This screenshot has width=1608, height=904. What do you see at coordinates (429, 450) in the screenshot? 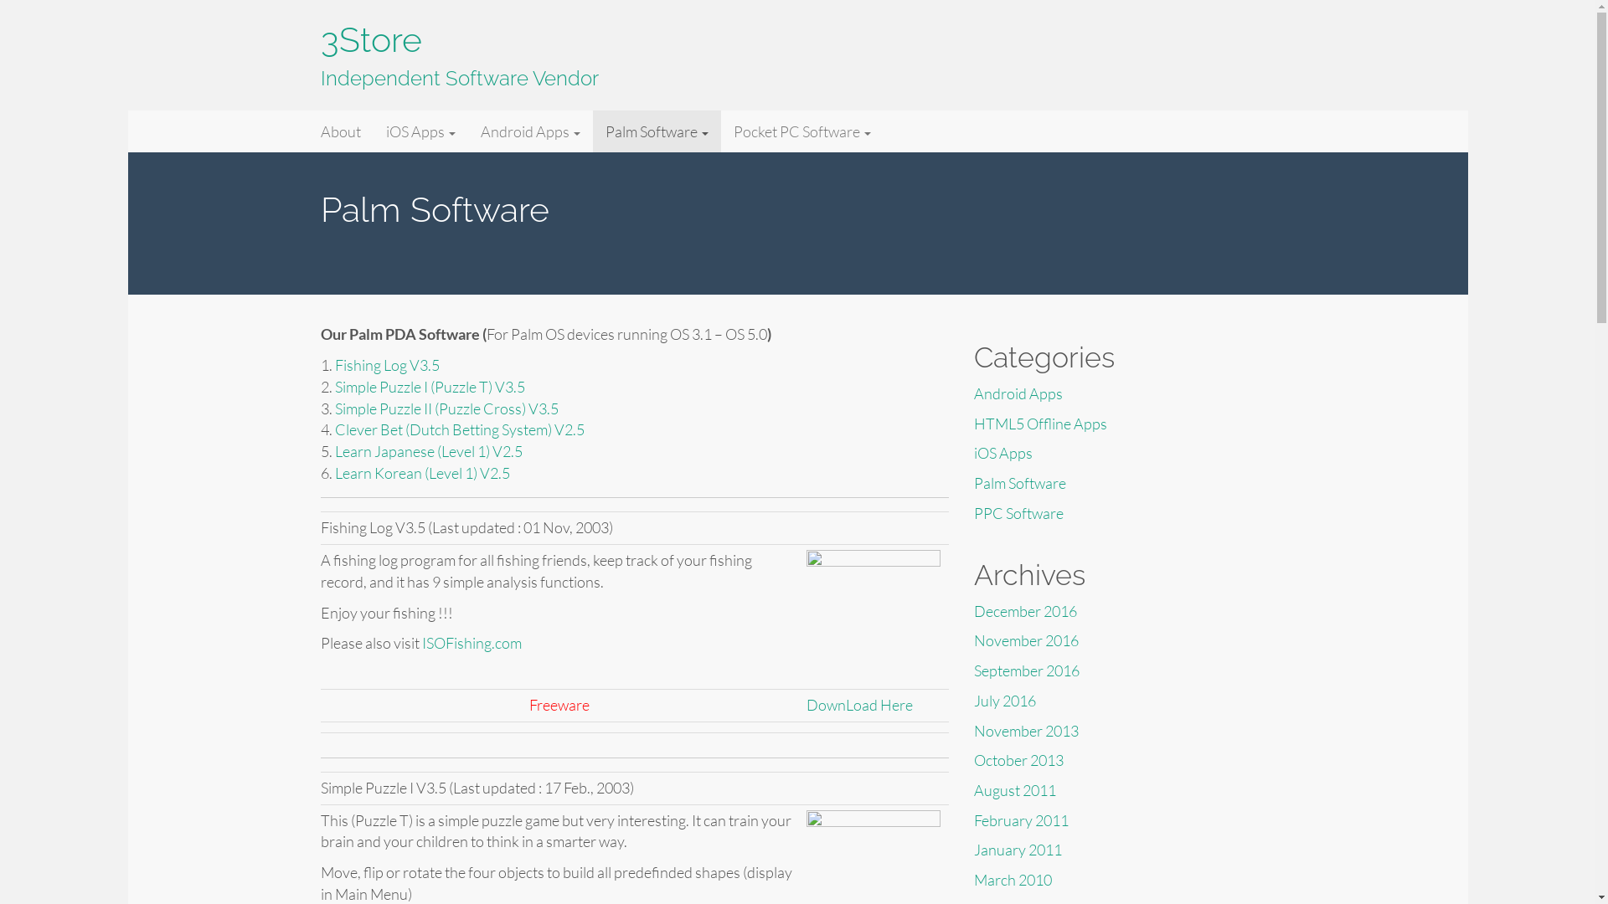
I see `'Learn Japanese (Level 1) V2.5'` at bounding box center [429, 450].